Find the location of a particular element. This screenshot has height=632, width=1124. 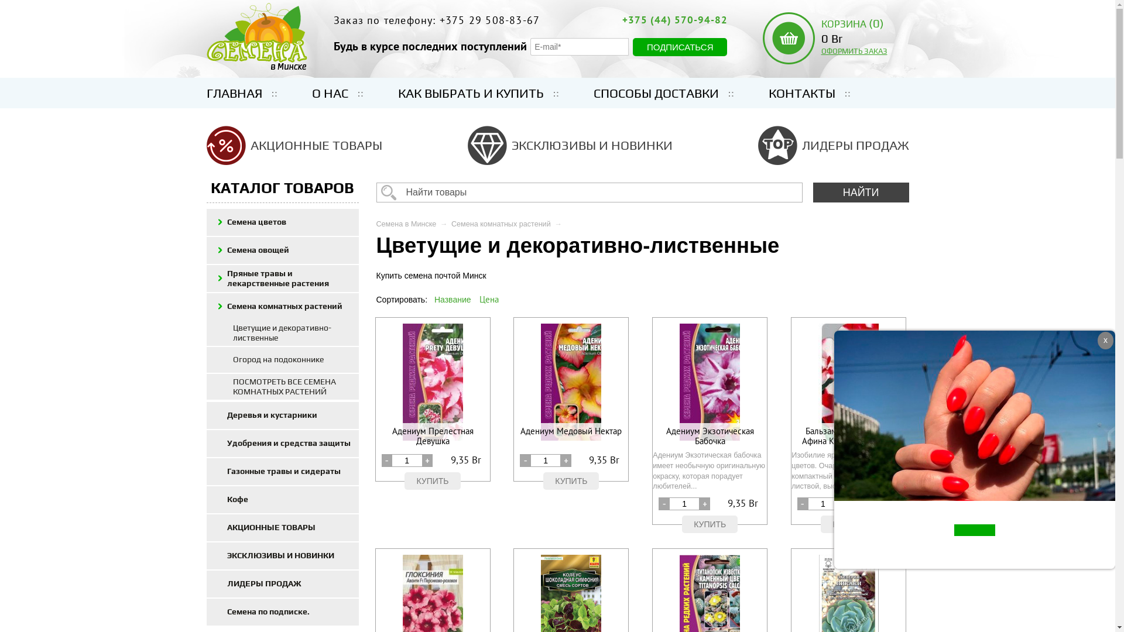

'x' is located at coordinates (1097, 341).